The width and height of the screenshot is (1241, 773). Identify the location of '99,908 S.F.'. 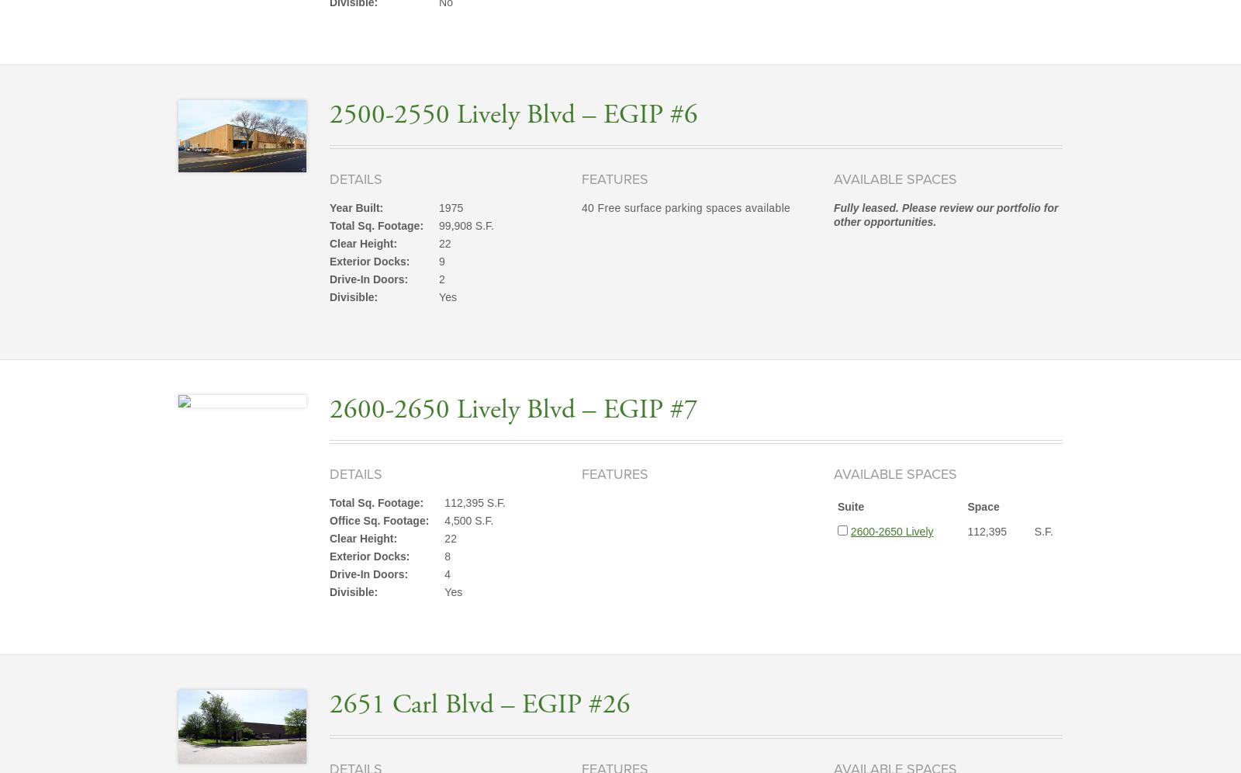
(465, 225).